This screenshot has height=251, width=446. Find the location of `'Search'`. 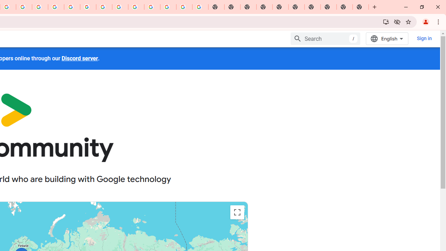

'Search' is located at coordinates (325, 38).